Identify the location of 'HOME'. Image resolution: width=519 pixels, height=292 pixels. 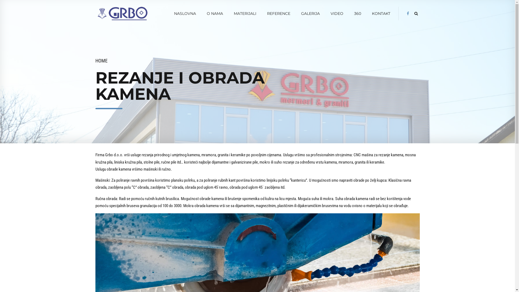
(101, 61).